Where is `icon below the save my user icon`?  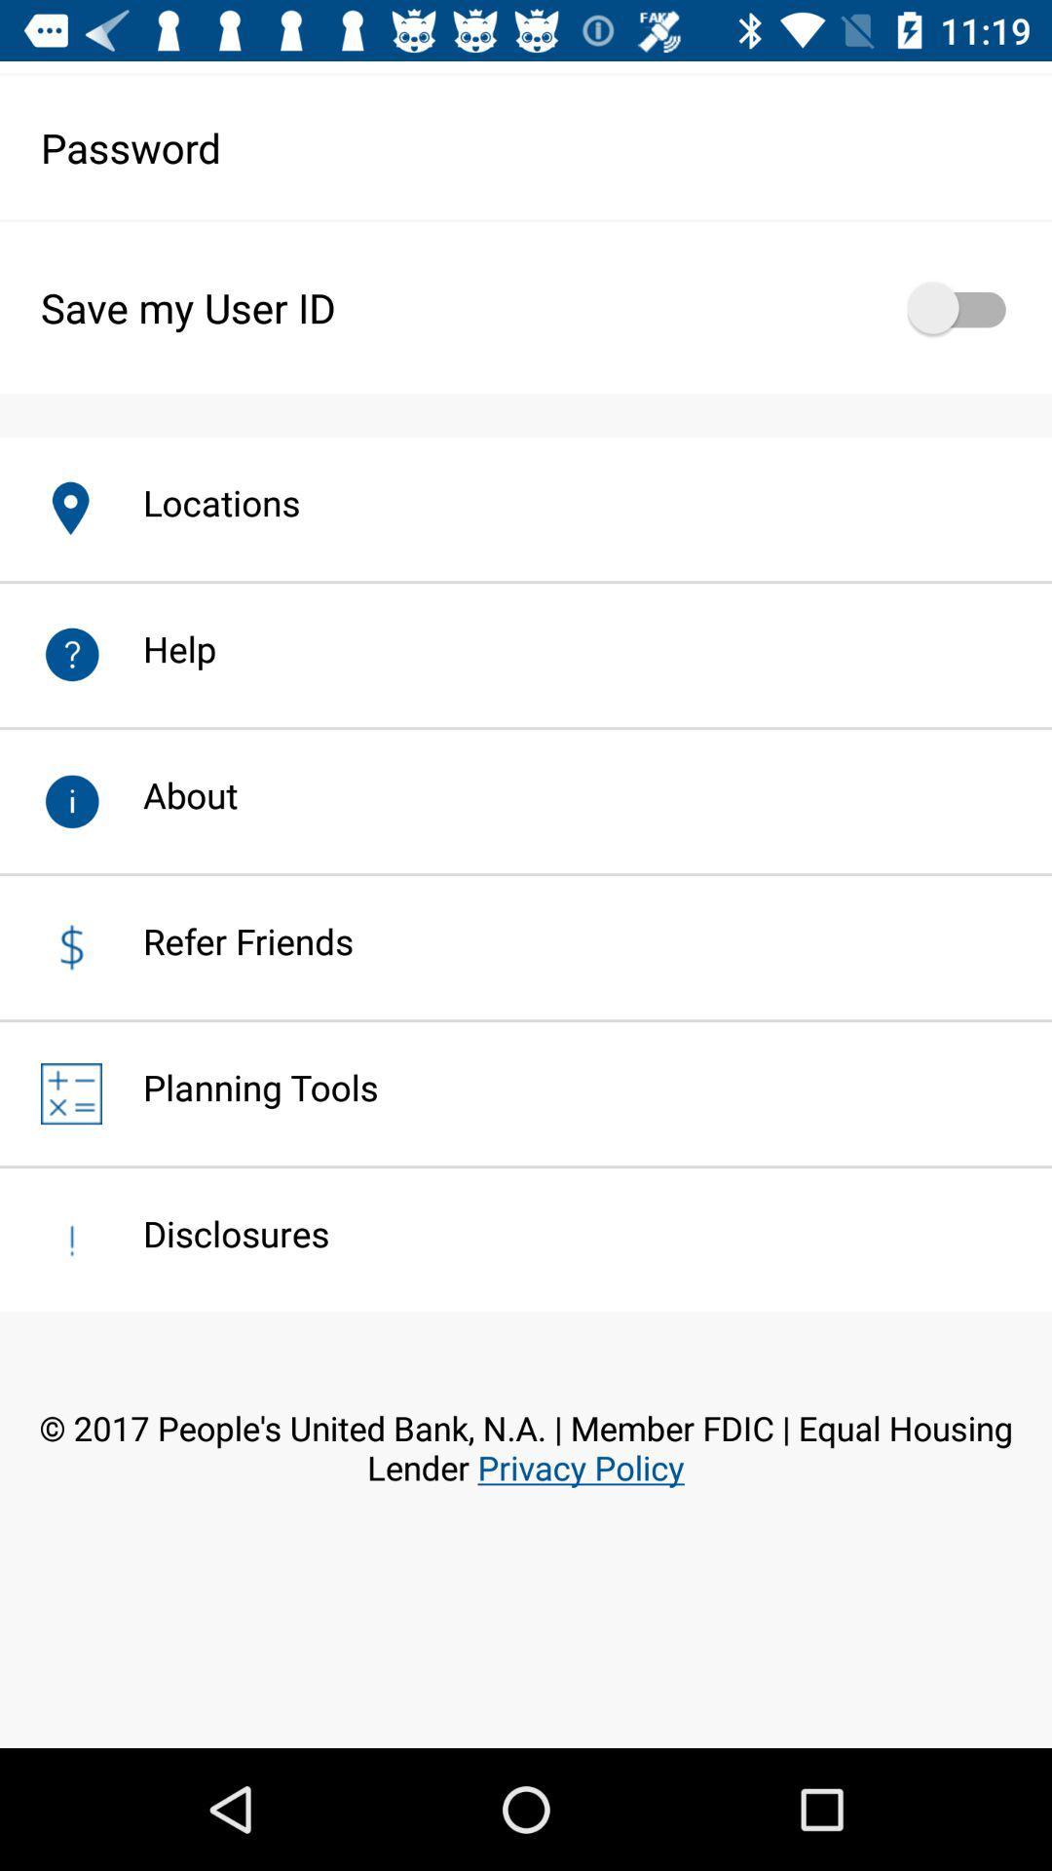 icon below the save my user icon is located at coordinates (201, 502).